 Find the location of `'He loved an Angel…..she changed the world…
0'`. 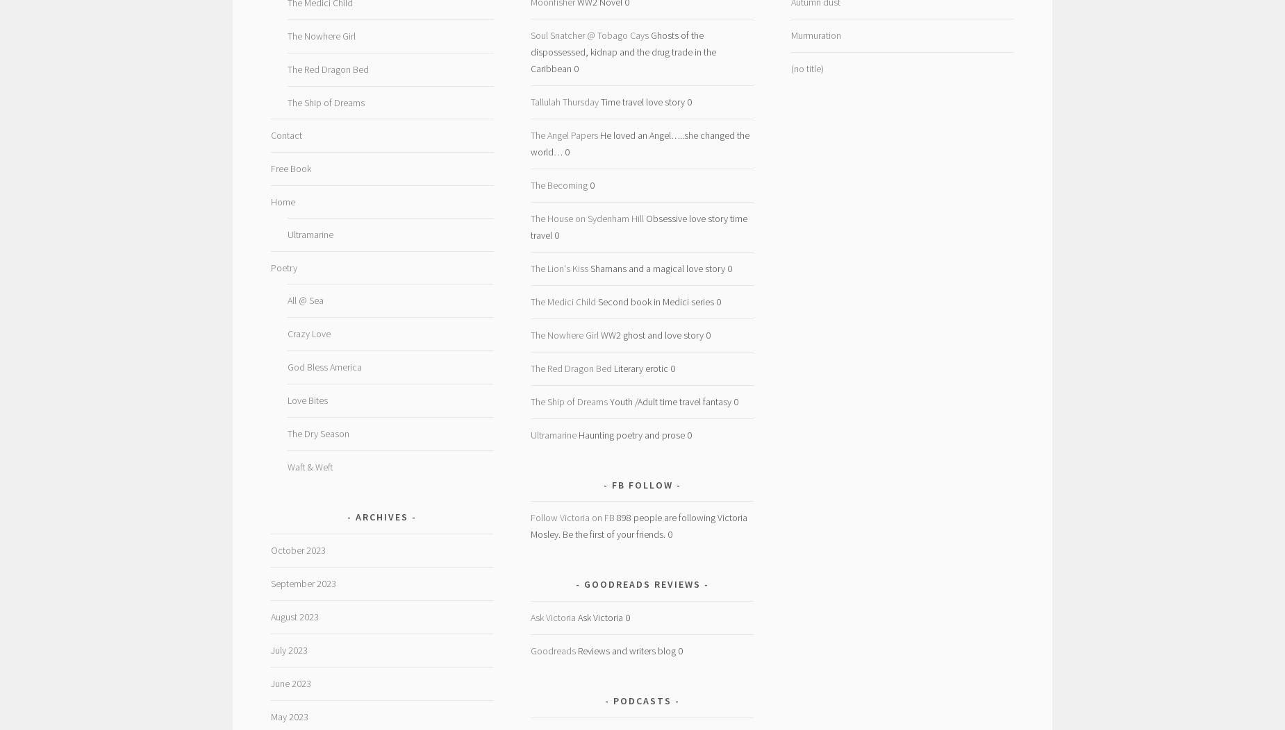

'He loved an Angel…..she changed the world…
0' is located at coordinates (531, 142).